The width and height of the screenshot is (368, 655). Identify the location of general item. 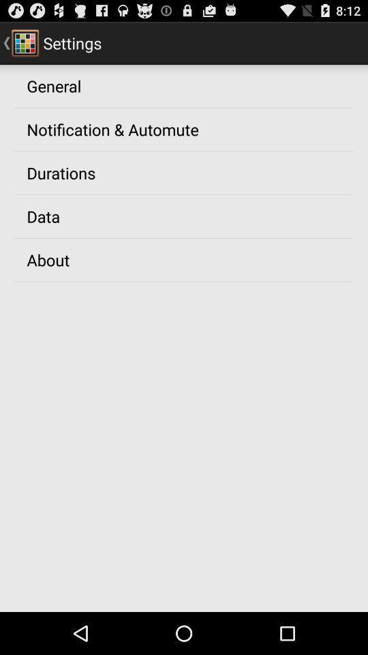
(53, 85).